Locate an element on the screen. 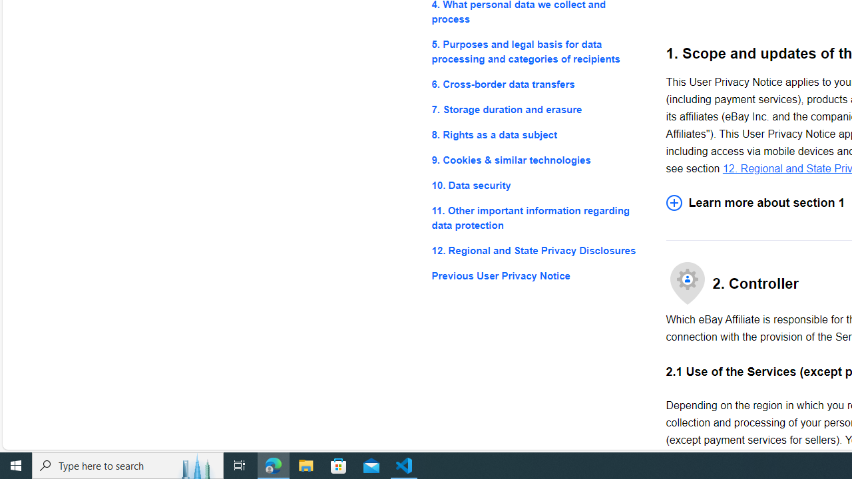 Image resolution: width=852 pixels, height=479 pixels. '10. Data security' is located at coordinates (538, 186).